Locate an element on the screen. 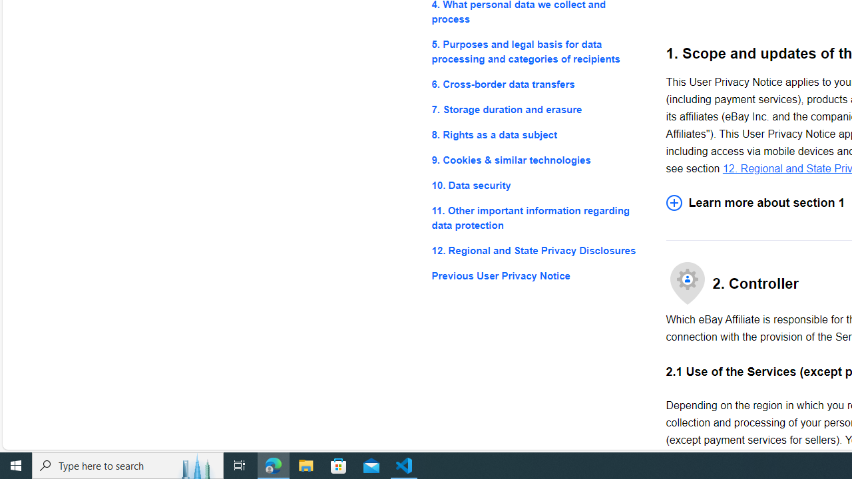 Image resolution: width=852 pixels, height=479 pixels. '10. Data security' is located at coordinates (538, 186).